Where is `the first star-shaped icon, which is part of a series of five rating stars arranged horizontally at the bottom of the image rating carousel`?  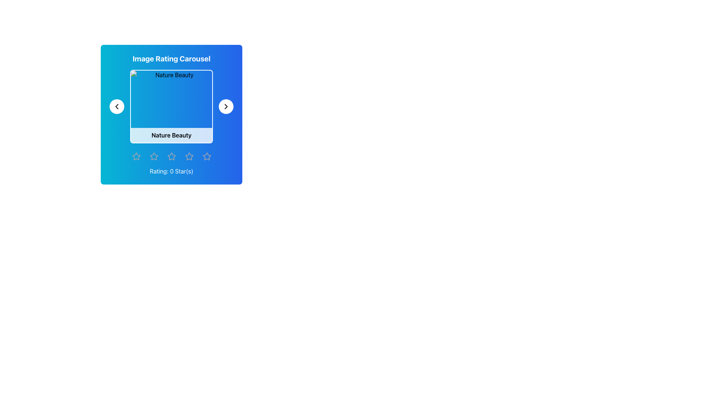 the first star-shaped icon, which is part of a series of five rating stars arranged horizontally at the bottom of the image rating carousel is located at coordinates (136, 156).